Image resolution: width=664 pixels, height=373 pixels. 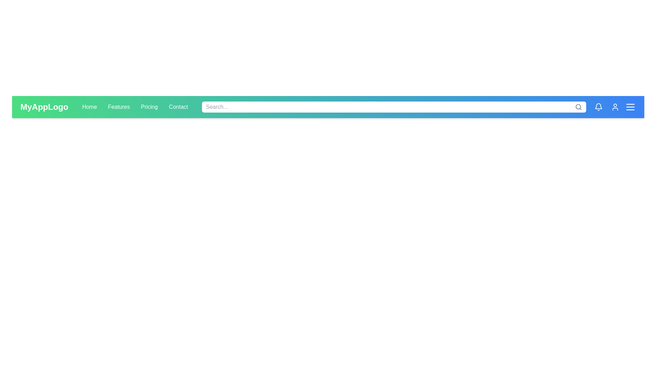 I want to click on the fourth navigation link labeled 'Contact' in the top left navigation menu, so click(x=178, y=107).